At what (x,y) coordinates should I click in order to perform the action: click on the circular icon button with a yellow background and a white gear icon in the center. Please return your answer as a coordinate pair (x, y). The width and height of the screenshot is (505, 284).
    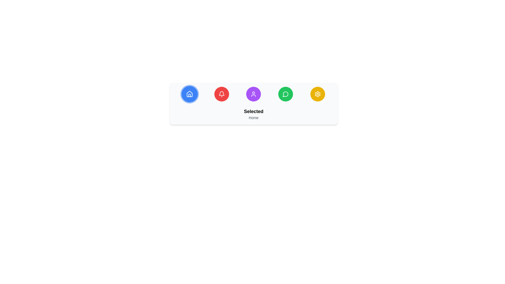
    Looking at the image, I should click on (317, 94).